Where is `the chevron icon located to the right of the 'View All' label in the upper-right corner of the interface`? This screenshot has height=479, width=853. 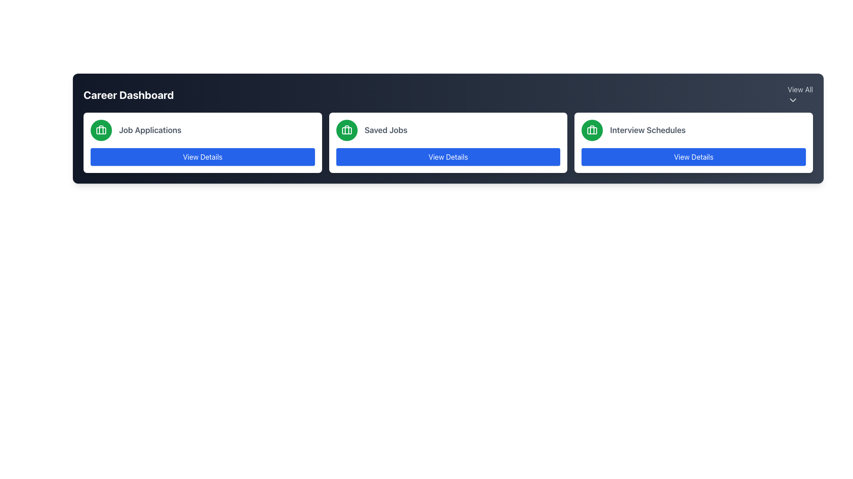 the chevron icon located to the right of the 'View All' label in the upper-right corner of the interface is located at coordinates (793, 100).